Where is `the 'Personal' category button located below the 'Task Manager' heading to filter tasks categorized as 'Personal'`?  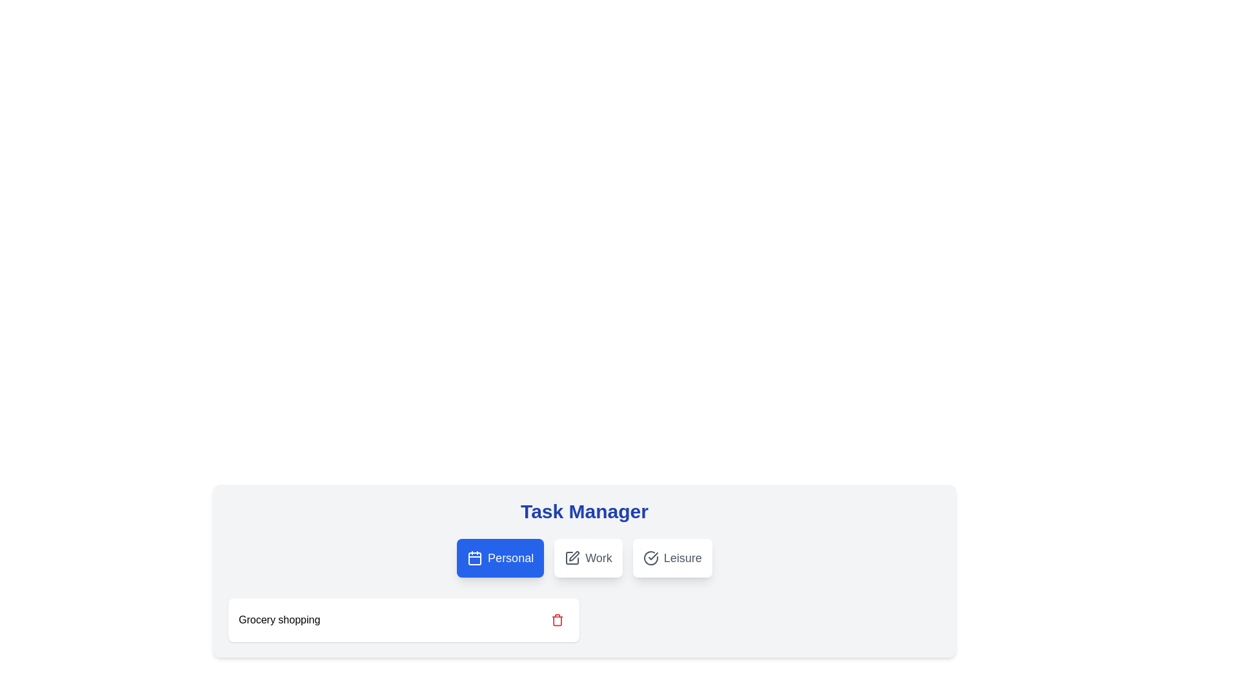 the 'Personal' category button located below the 'Task Manager' heading to filter tasks categorized as 'Personal' is located at coordinates (499, 557).